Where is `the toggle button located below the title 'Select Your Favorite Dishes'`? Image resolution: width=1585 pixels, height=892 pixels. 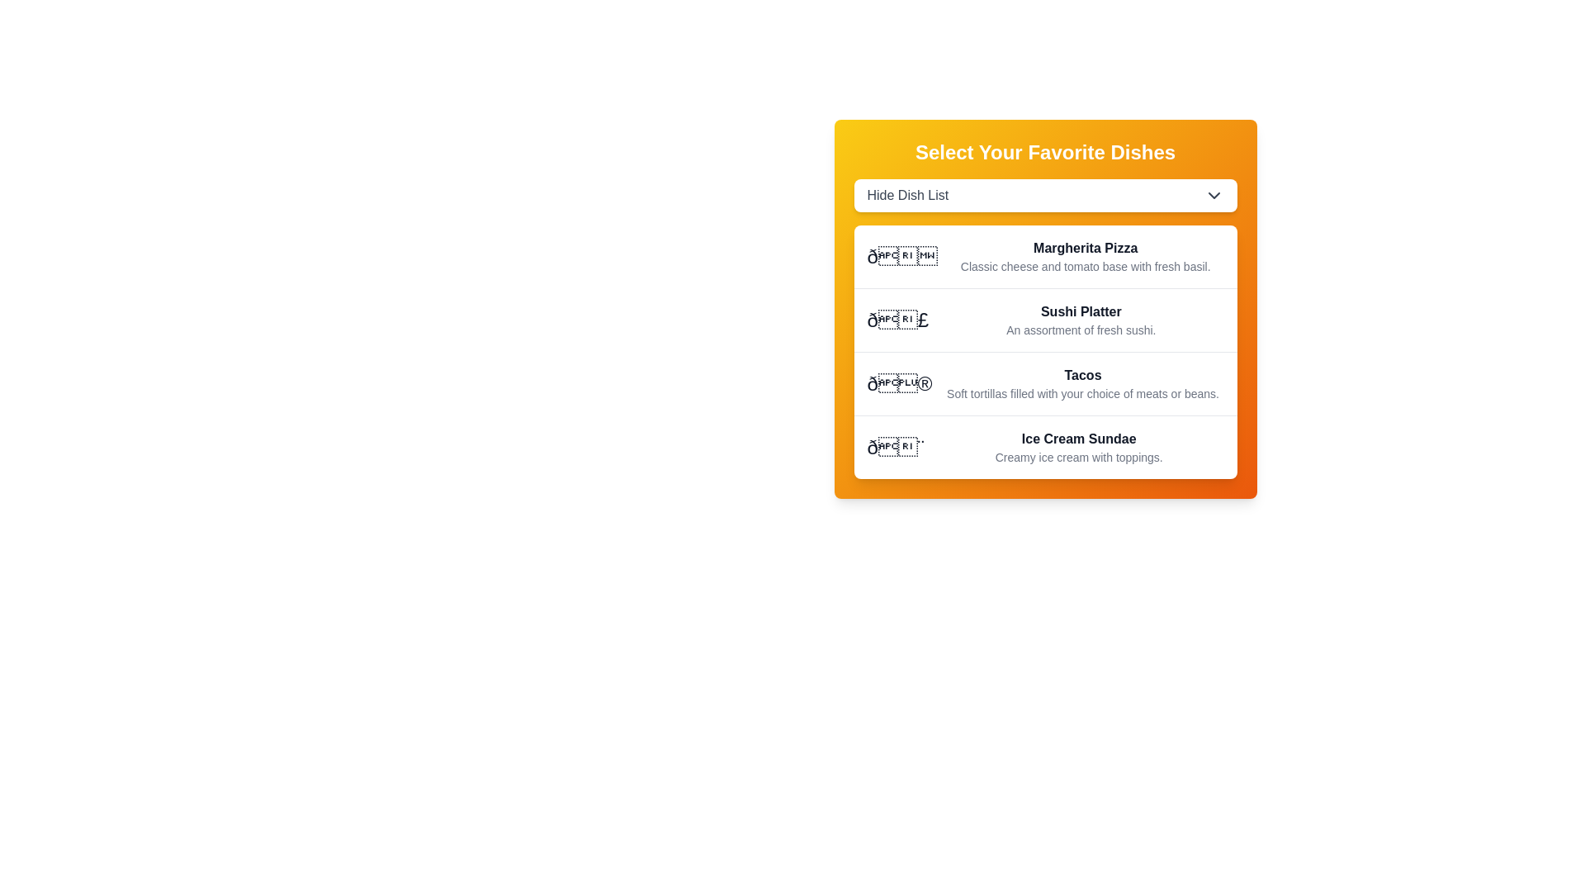 the toggle button located below the title 'Select Your Favorite Dishes' is located at coordinates (1044, 194).